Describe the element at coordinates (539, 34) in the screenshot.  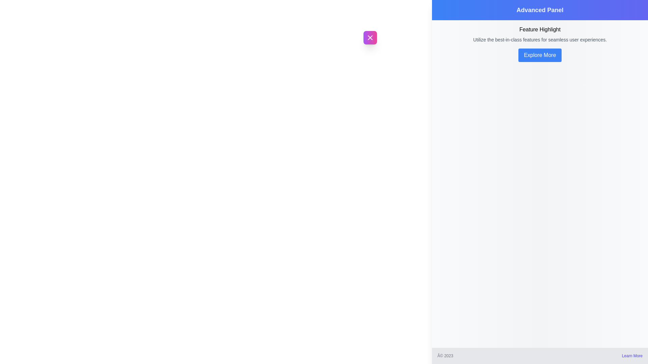
I see `the 'Feature Highlight' Text Content Block, which displays a title and description, located at the top of the right-hand section of the interface` at that location.